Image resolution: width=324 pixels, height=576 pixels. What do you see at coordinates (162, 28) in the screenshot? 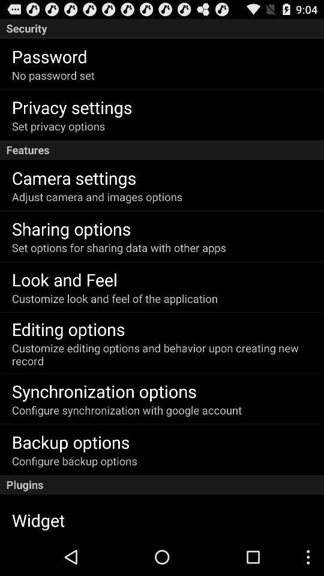
I see `security` at bounding box center [162, 28].